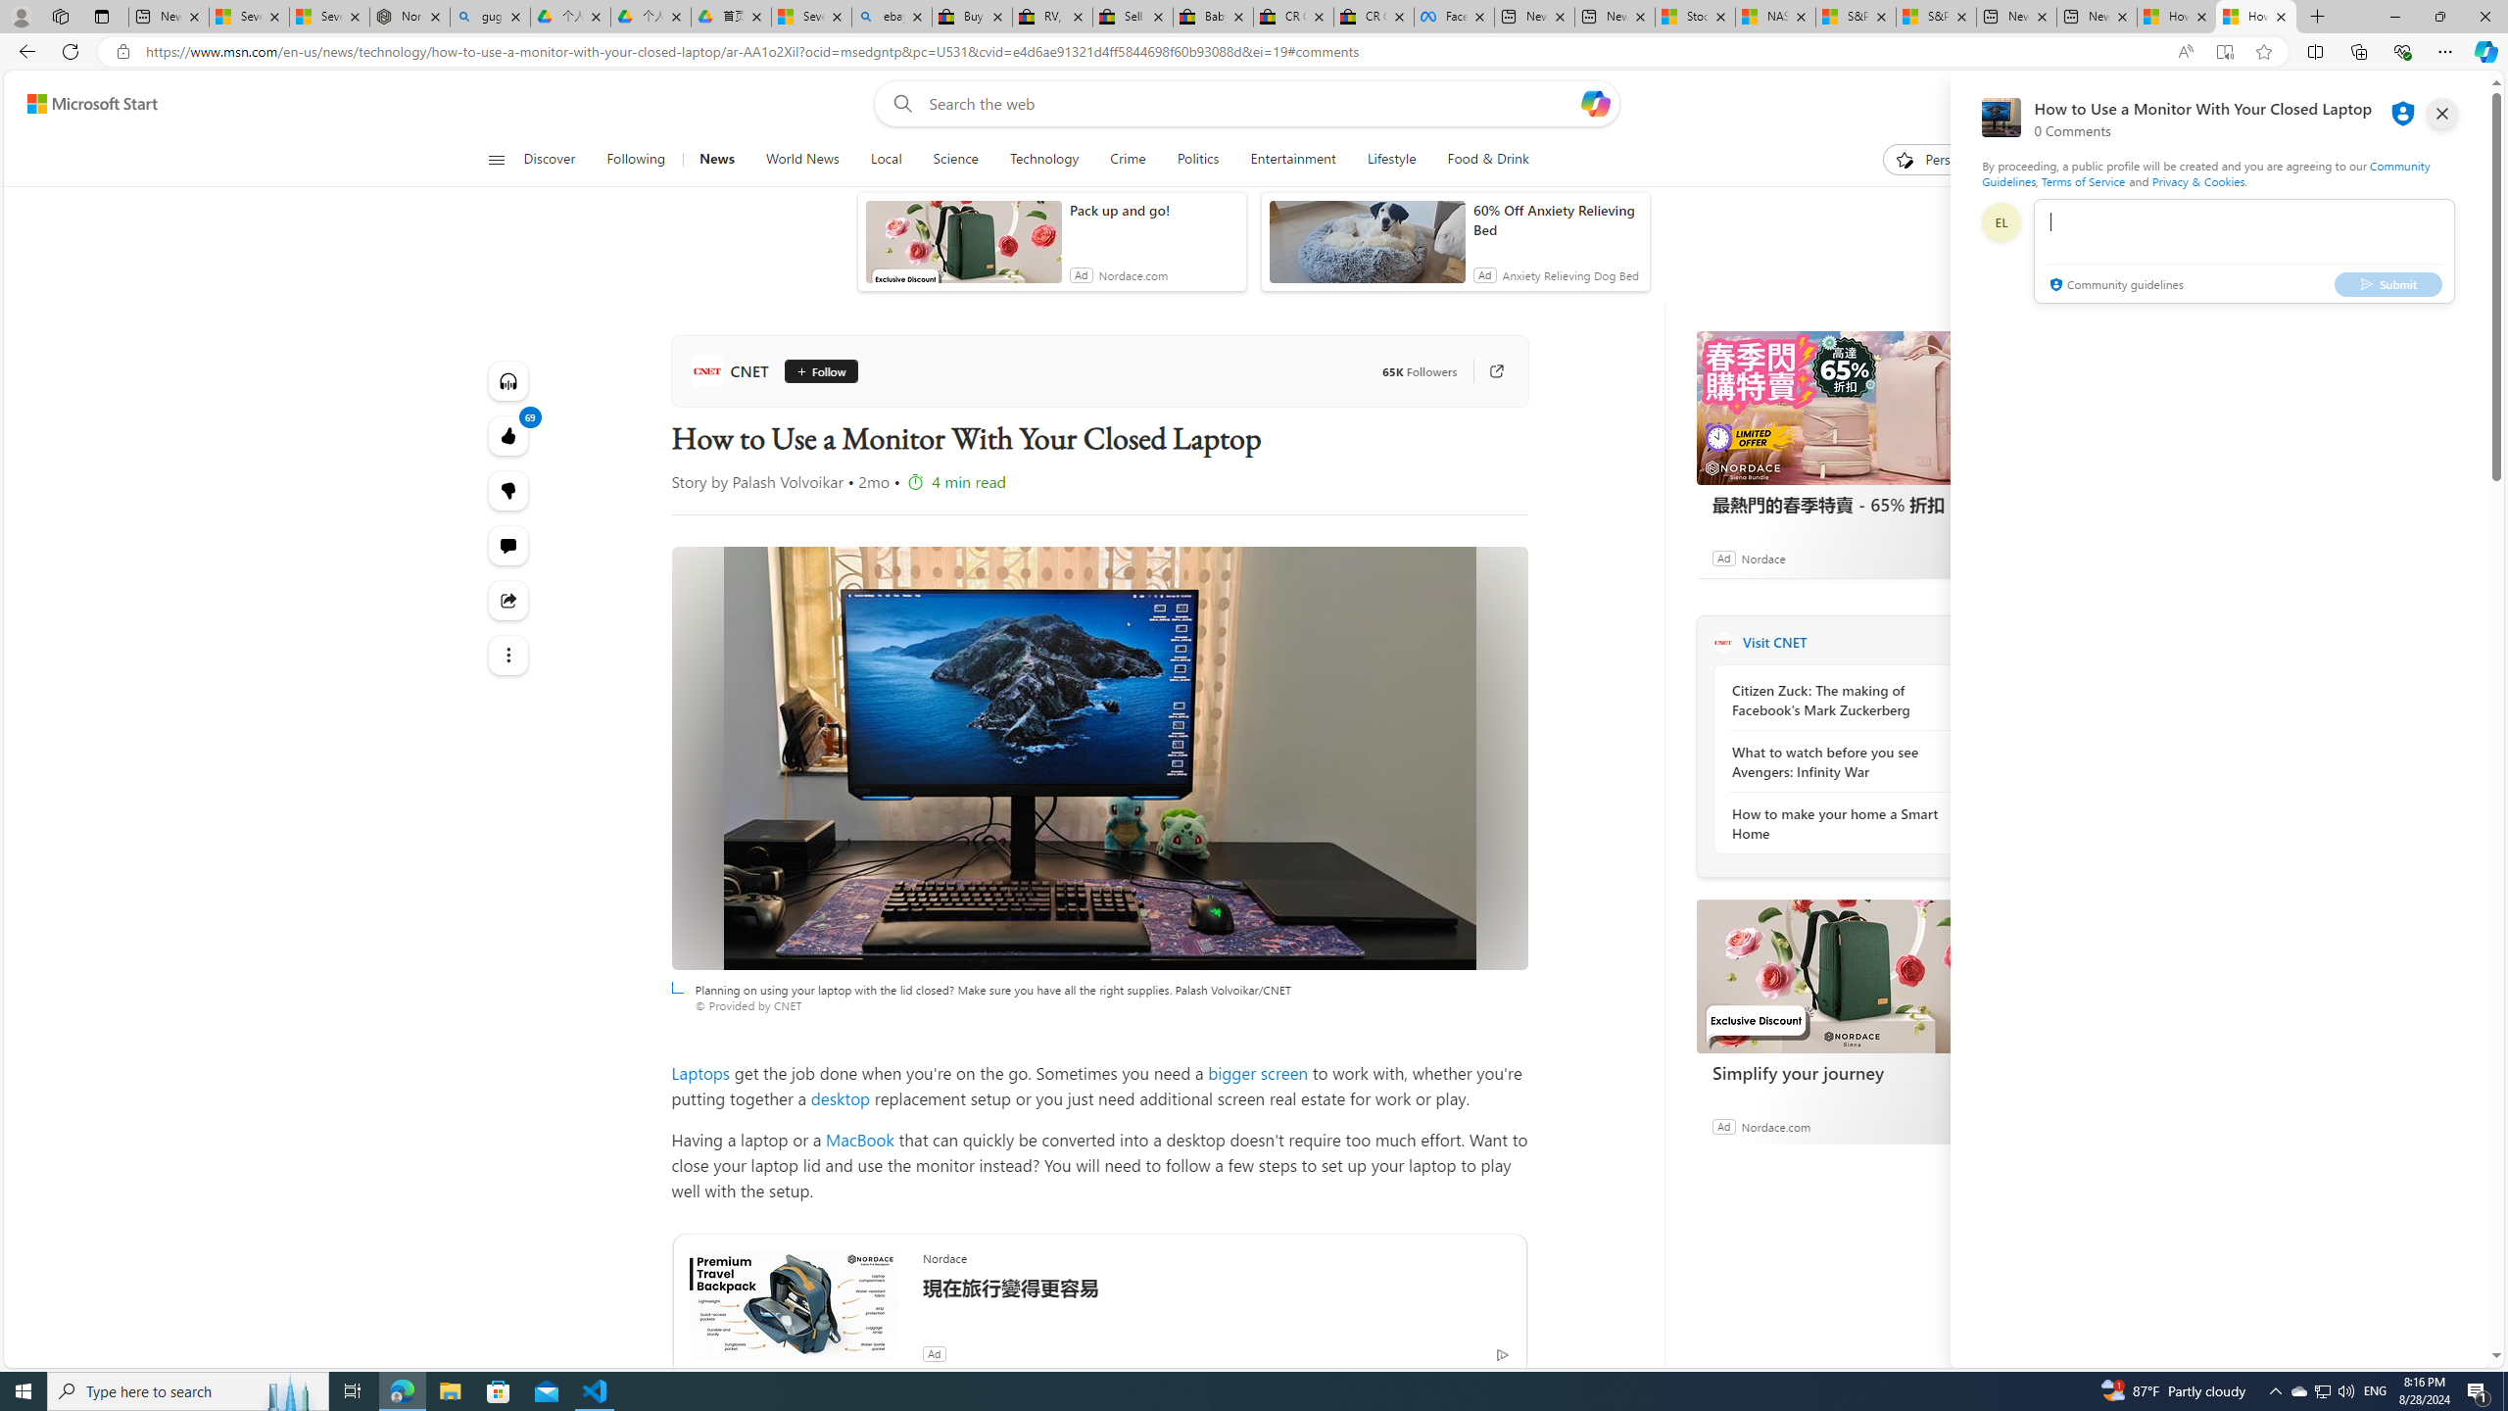  I want to click on 'Entertainment', so click(1291, 159).